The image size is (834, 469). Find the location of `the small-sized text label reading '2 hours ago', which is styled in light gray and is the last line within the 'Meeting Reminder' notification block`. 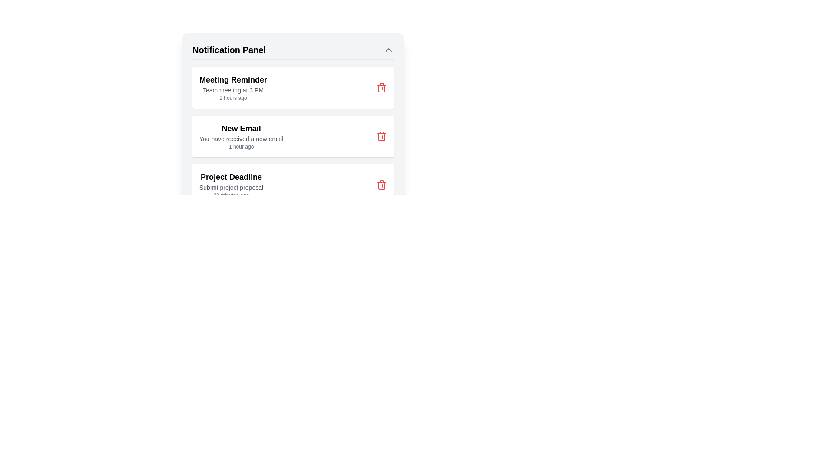

the small-sized text label reading '2 hours ago', which is styled in light gray and is the last line within the 'Meeting Reminder' notification block is located at coordinates (233, 98).